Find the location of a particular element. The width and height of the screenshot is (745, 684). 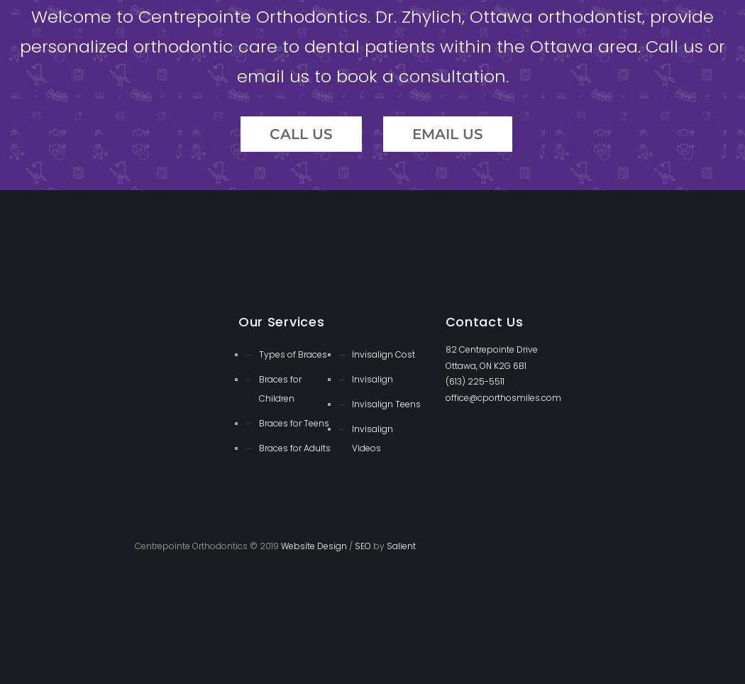

'Website Design' is located at coordinates (313, 545).